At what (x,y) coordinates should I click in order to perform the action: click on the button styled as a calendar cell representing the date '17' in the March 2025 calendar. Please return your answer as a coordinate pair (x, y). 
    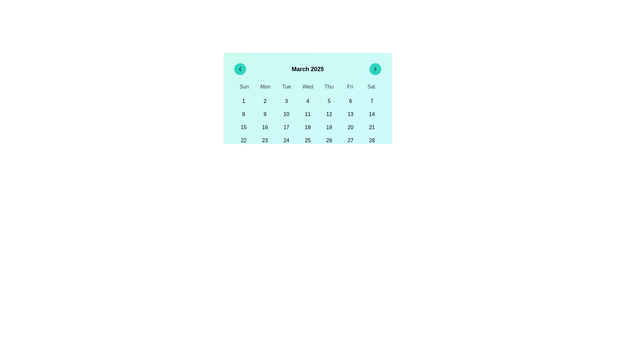
    Looking at the image, I should click on (286, 128).